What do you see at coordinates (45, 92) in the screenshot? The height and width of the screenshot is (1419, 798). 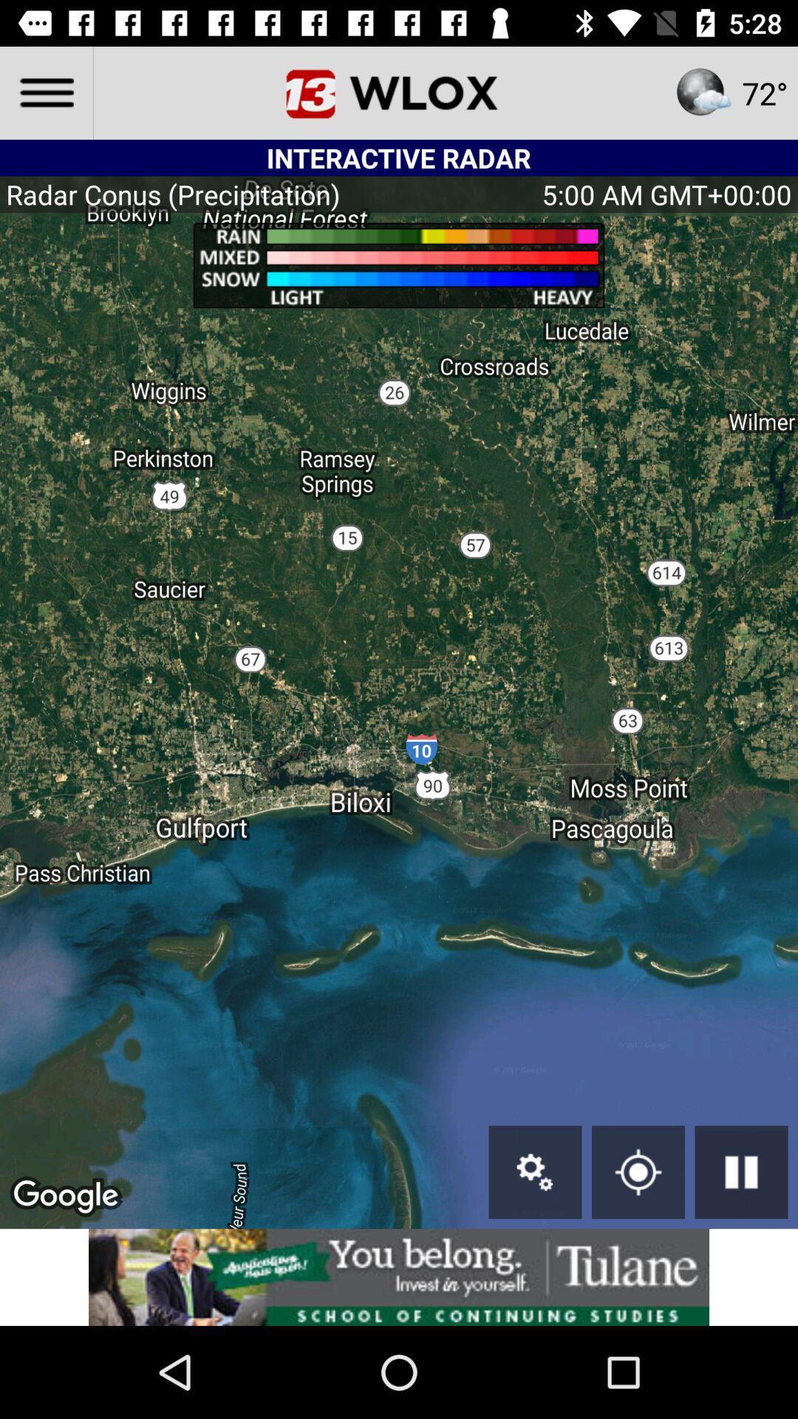 I see `the menu icon` at bounding box center [45, 92].